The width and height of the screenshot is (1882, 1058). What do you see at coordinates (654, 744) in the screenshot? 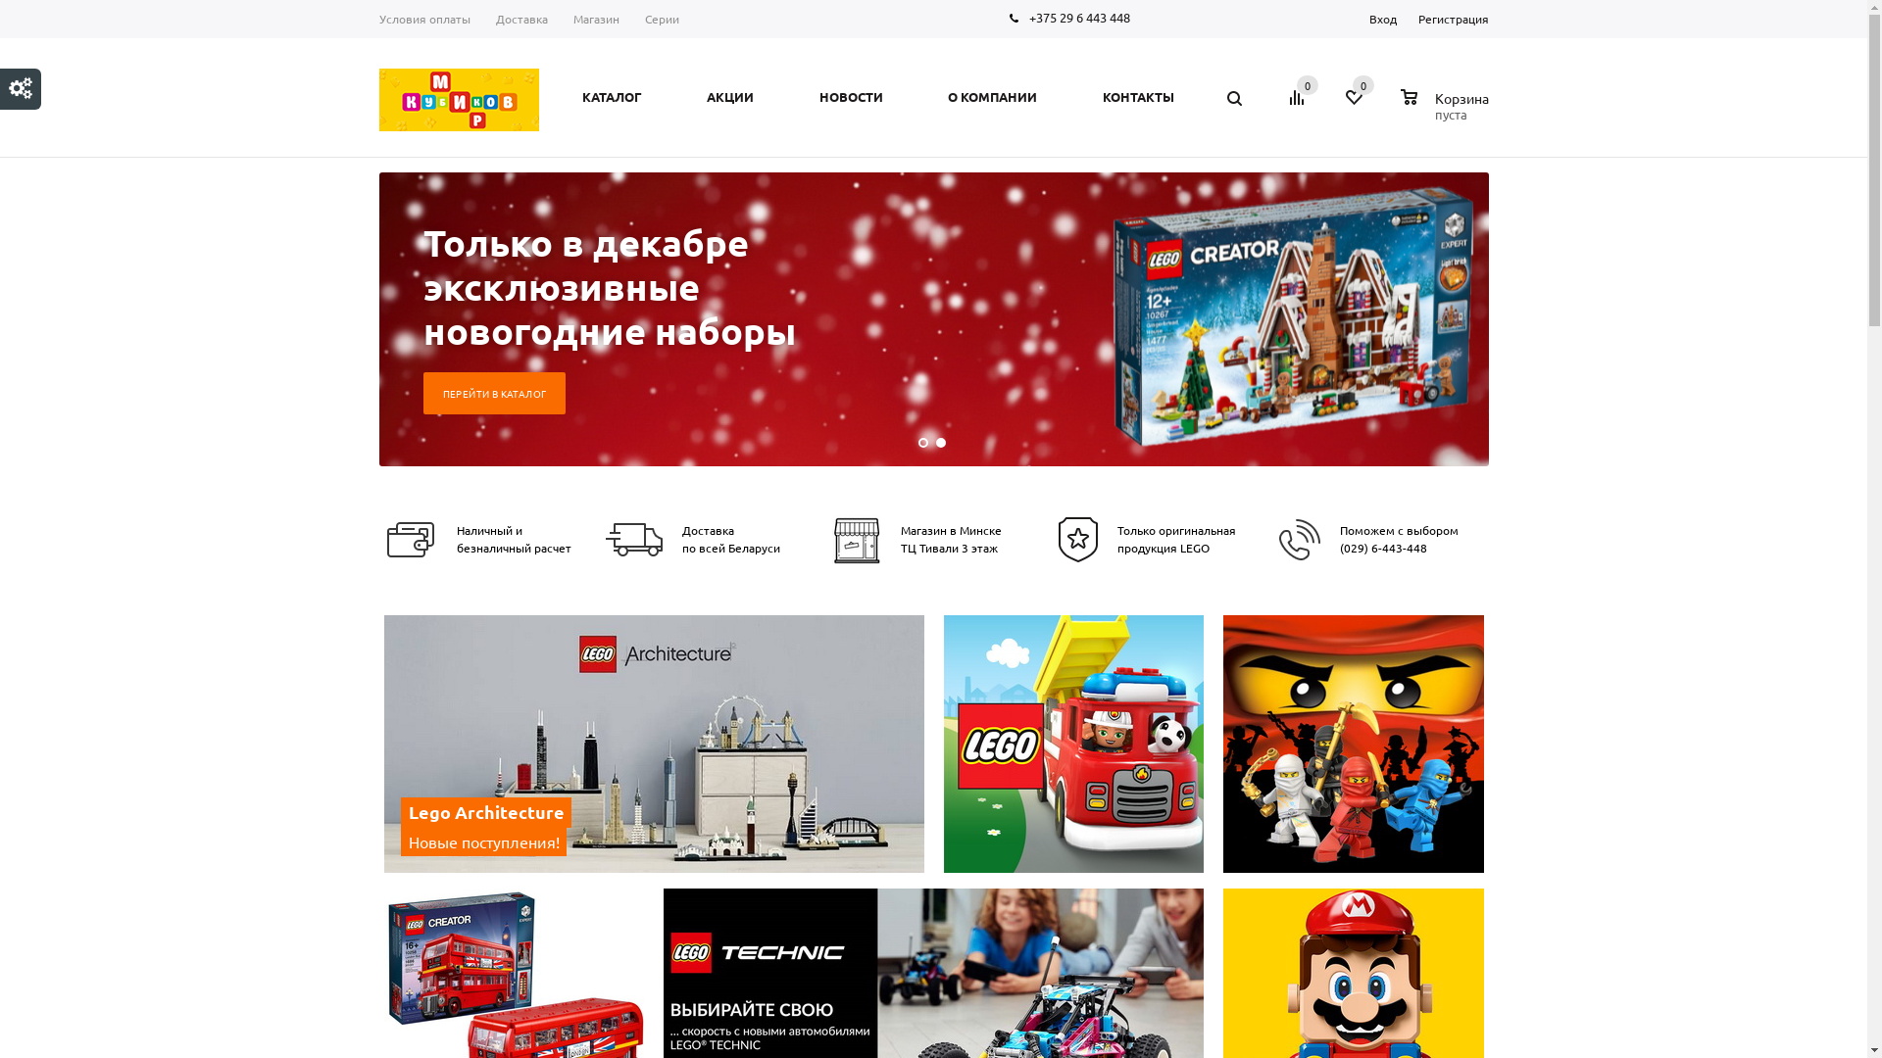
I see `'Lego Architecture'` at bounding box center [654, 744].